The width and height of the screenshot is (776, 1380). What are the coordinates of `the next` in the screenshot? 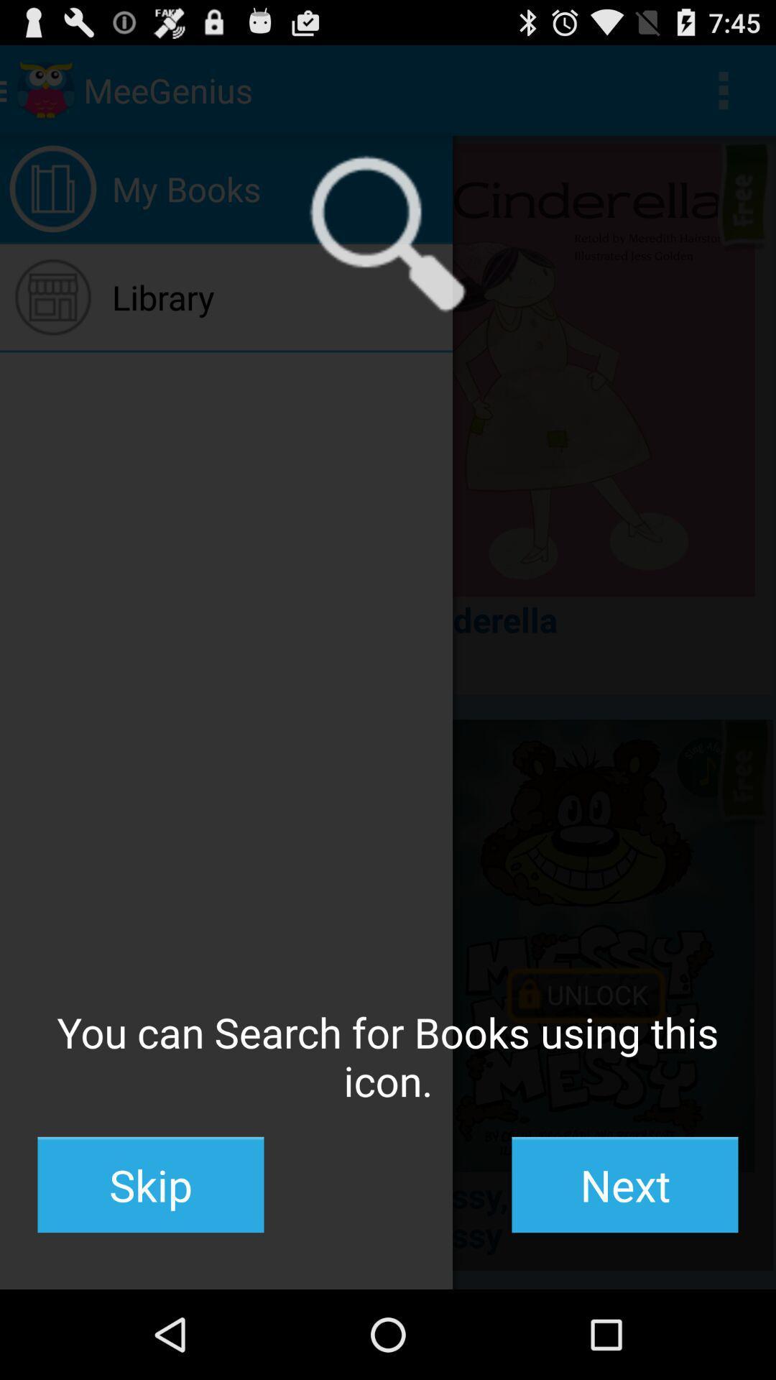 It's located at (624, 1184).